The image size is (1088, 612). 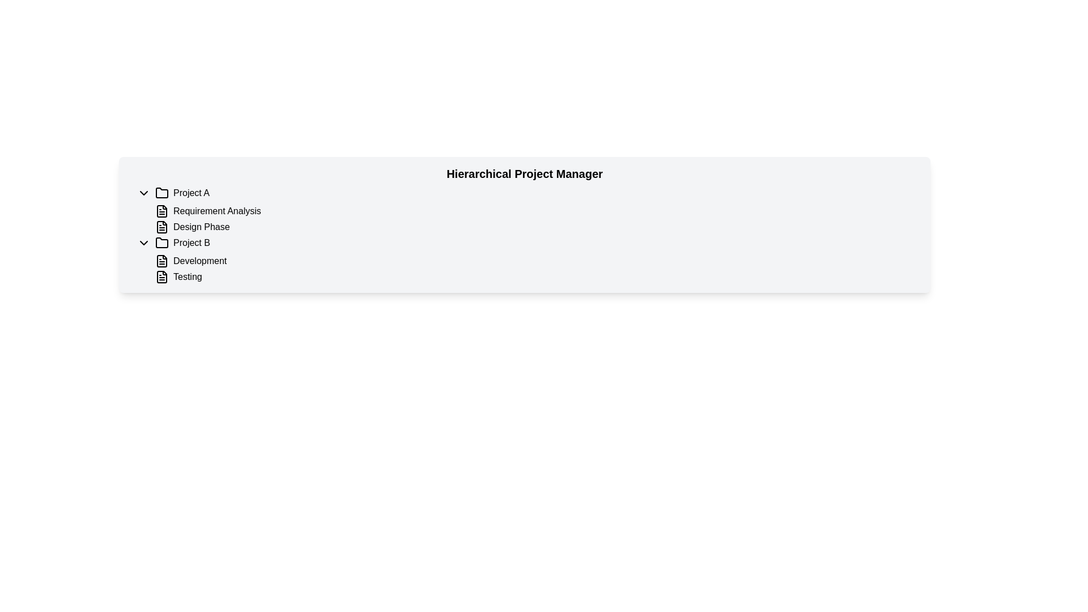 I want to click on the toggle button for 'Project B', so click(x=143, y=242).